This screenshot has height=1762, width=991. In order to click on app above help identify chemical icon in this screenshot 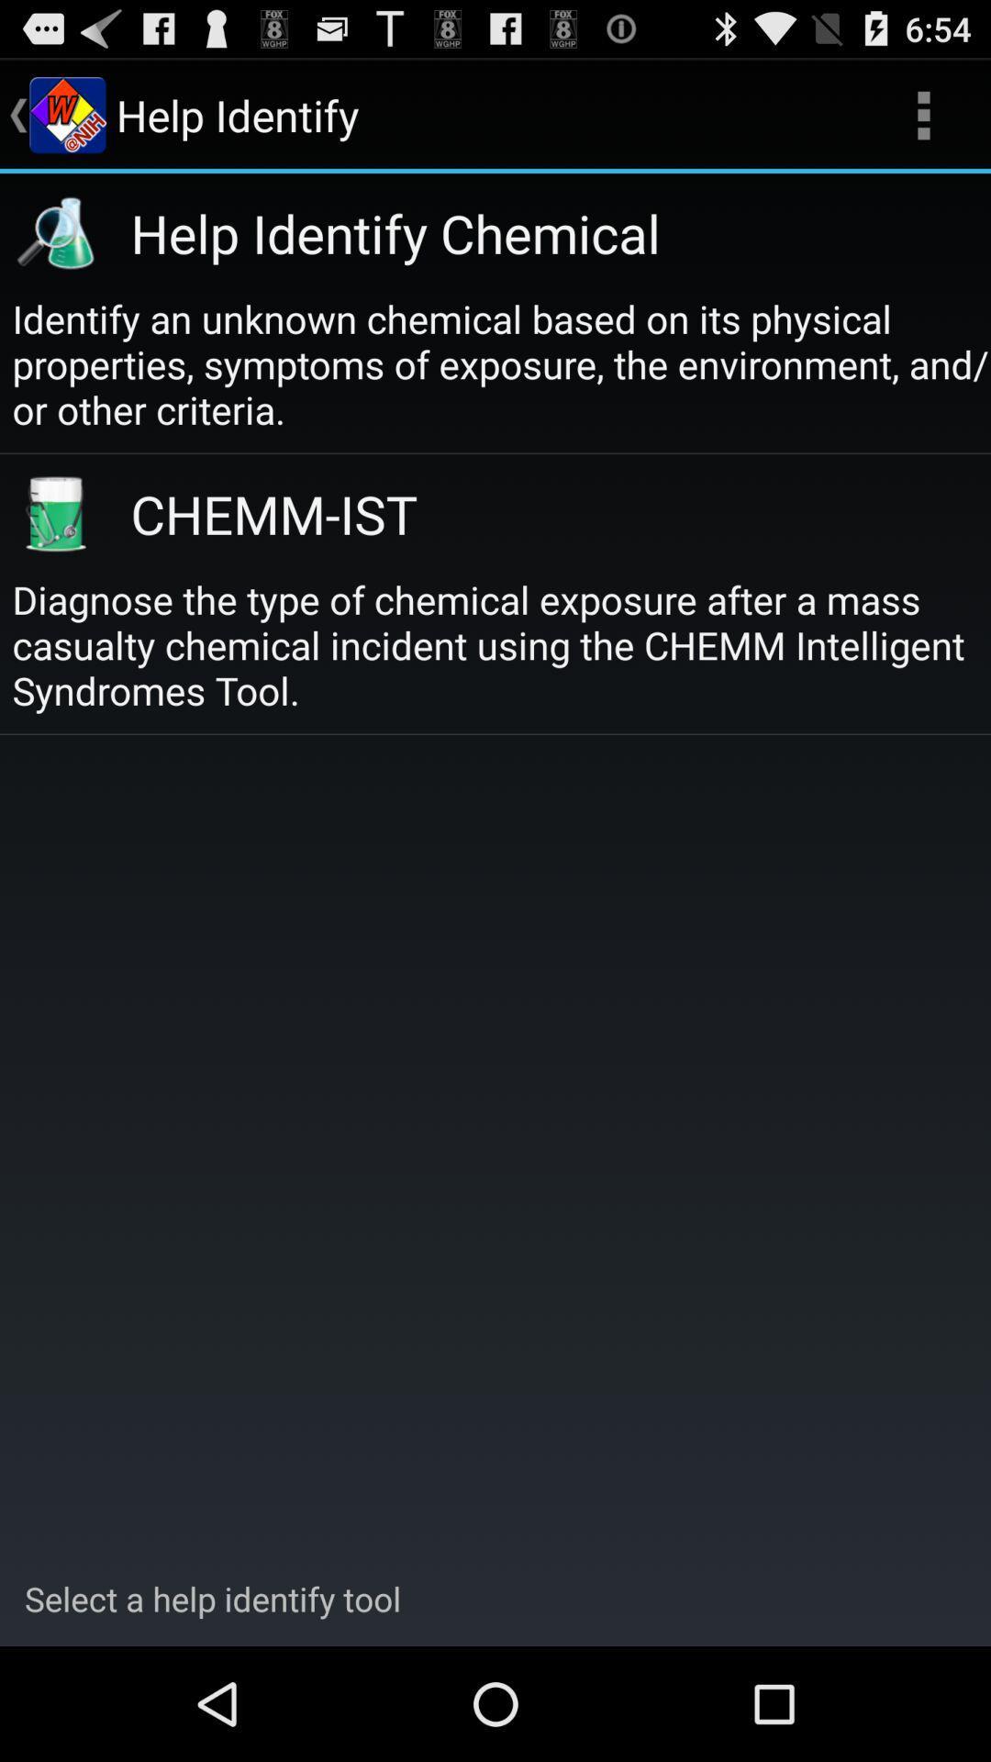, I will do `click(923, 114)`.